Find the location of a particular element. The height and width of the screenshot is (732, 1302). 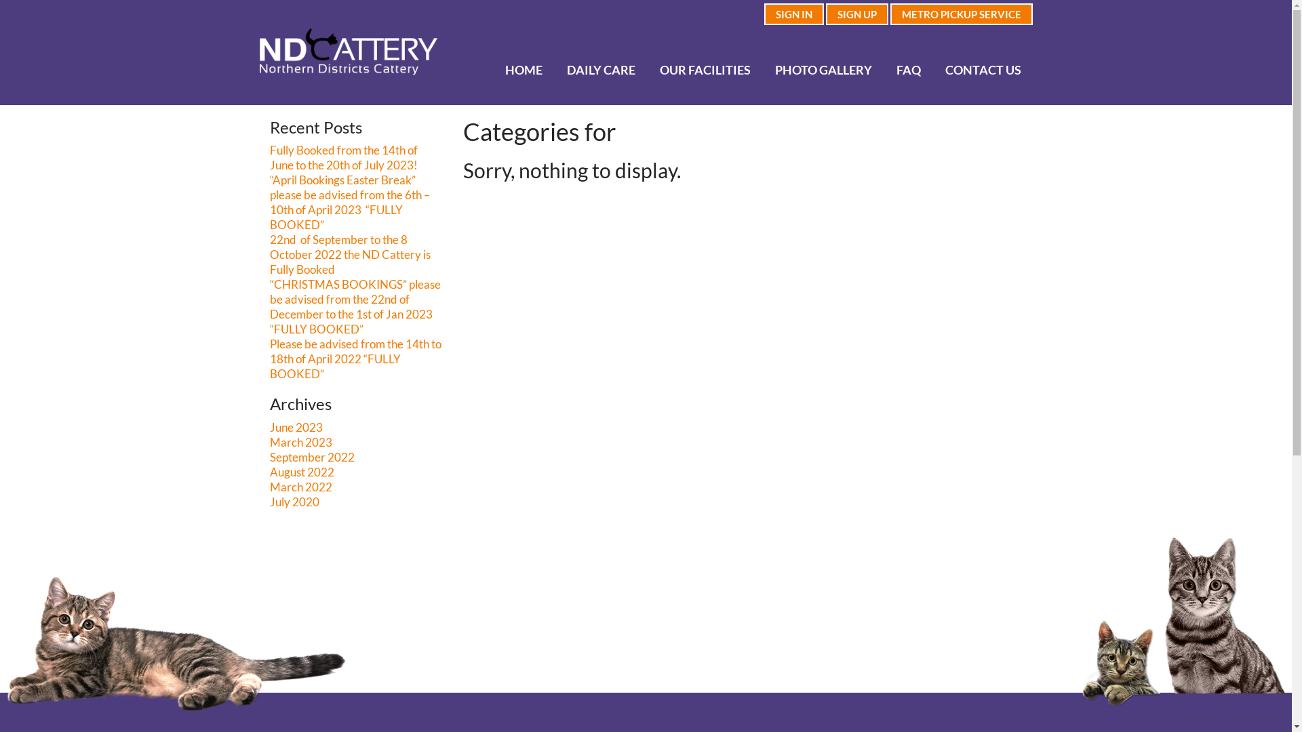

'HOME' is located at coordinates (493, 69).